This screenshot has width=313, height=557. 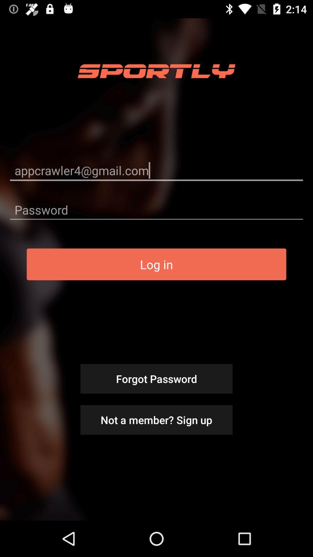 What do you see at coordinates (156, 420) in the screenshot?
I see `not a member item` at bounding box center [156, 420].